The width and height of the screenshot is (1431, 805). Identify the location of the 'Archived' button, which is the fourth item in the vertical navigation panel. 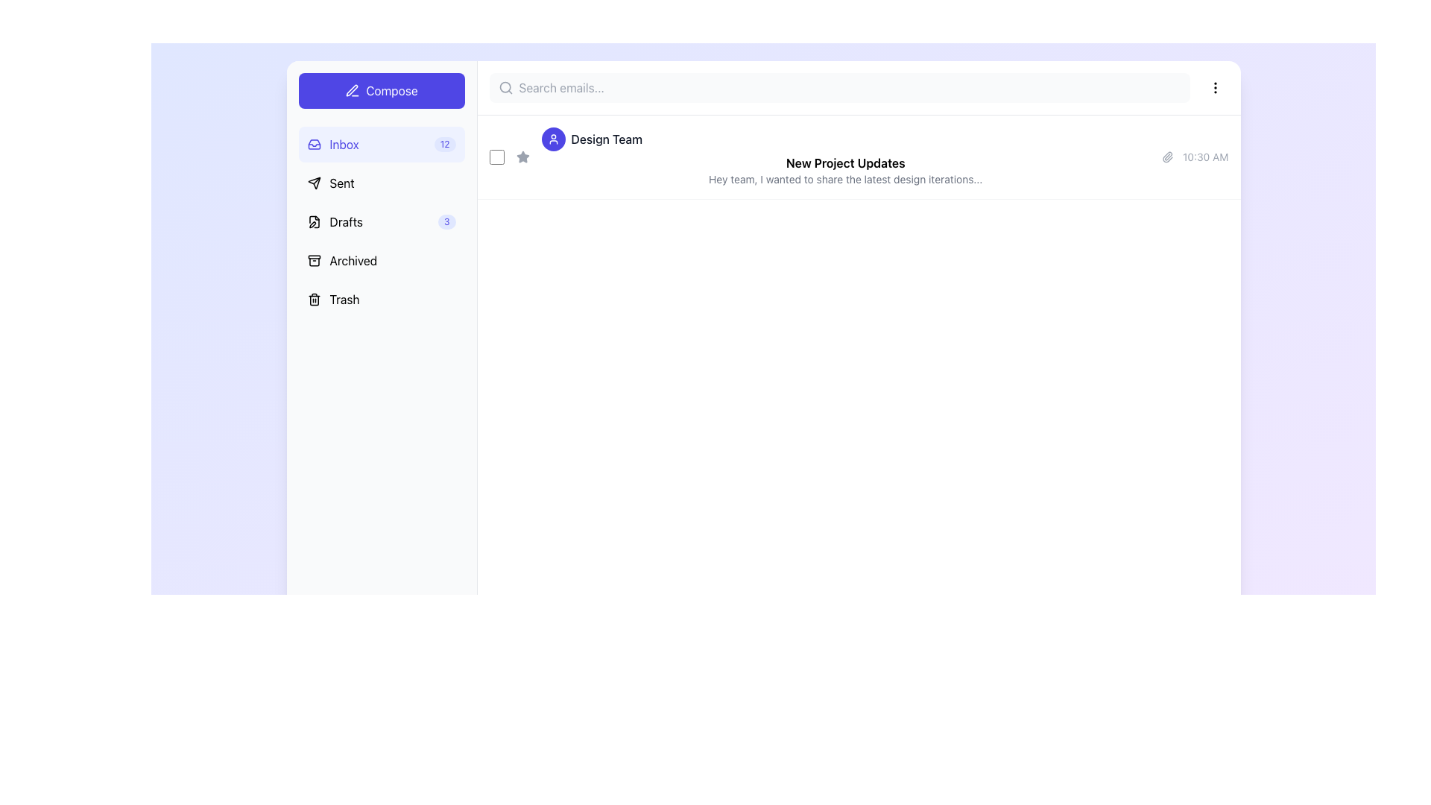
(382, 260).